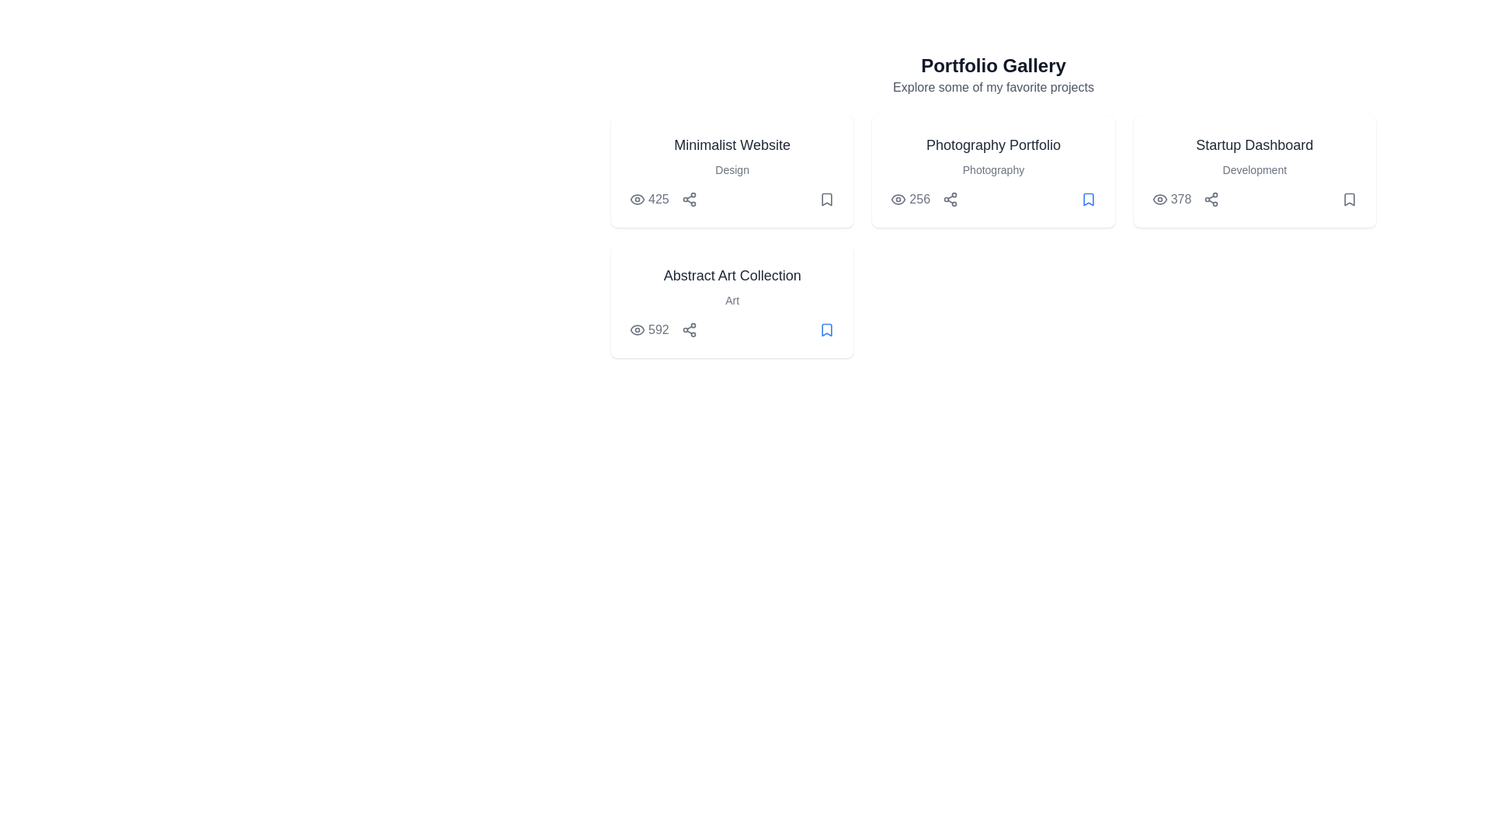  What do you see at coordinates (1159, 199) in the screenshot?
I see `the eye-shaped icon representing visibility located in the 'Startup Dashboard' card above the numeric value '378'` at bounding box center [1159, 199].